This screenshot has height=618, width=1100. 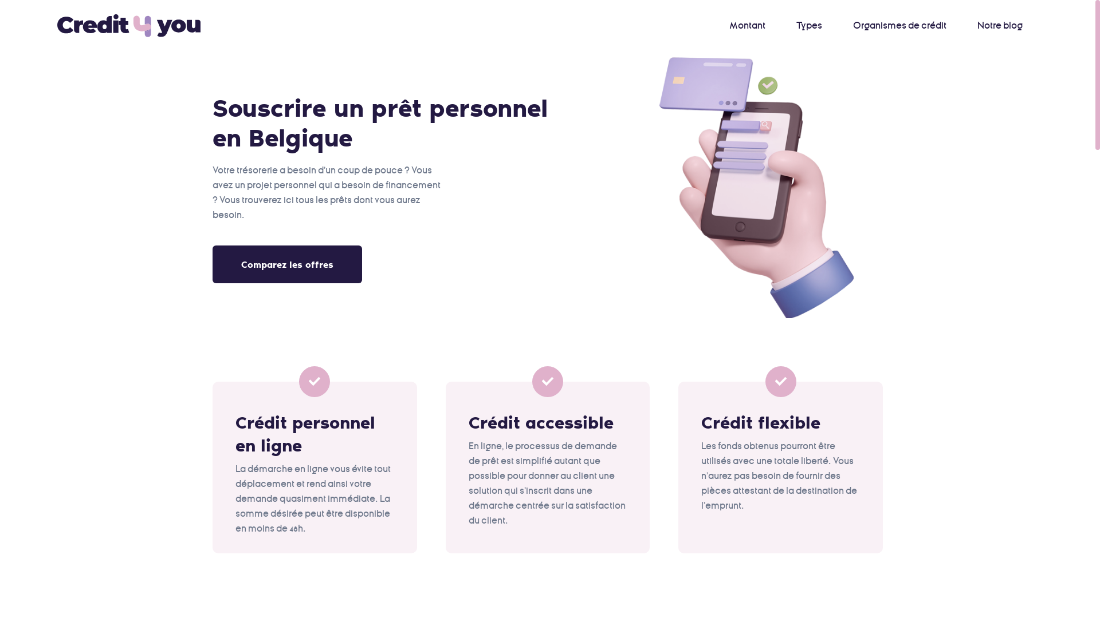 What do you see at coordinates (287, 264) in the screenshot?
I see `'Comparez les offres'` at bounding box center [287, 264].